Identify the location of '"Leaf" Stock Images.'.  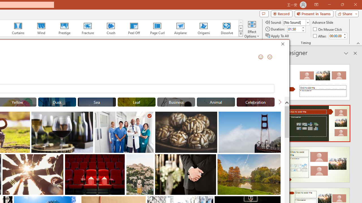
(137, 102).